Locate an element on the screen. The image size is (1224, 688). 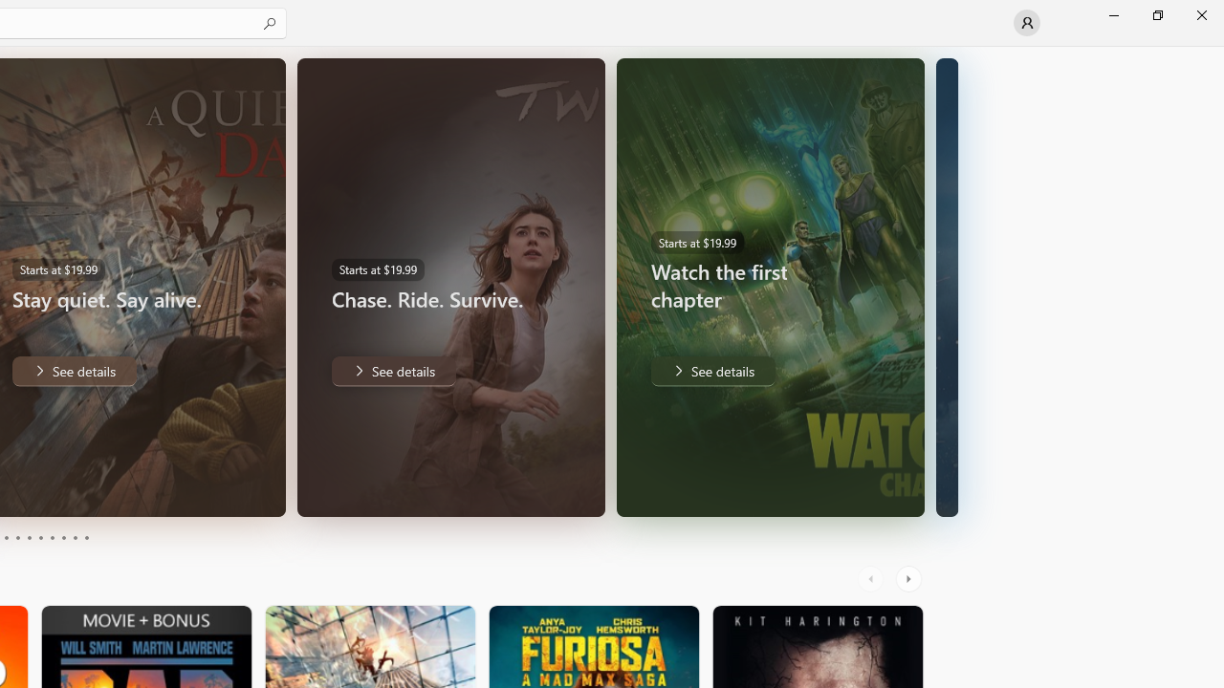
'Page 5' is located at coordinates (29, 538).